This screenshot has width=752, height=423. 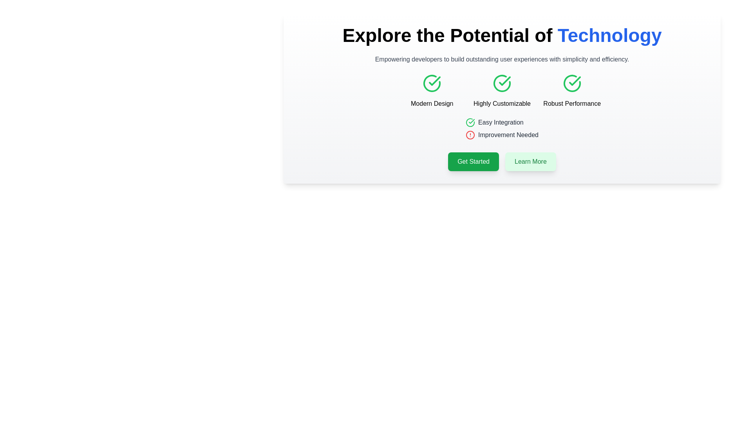 What do you see at coordinates (502, 161) in the screenshot?
I see `the 'Learn More' button located within the Horizontal Button Group at the bottom center of the 'Explore the Potential of Technology' section` at bounding box center [502, 161].